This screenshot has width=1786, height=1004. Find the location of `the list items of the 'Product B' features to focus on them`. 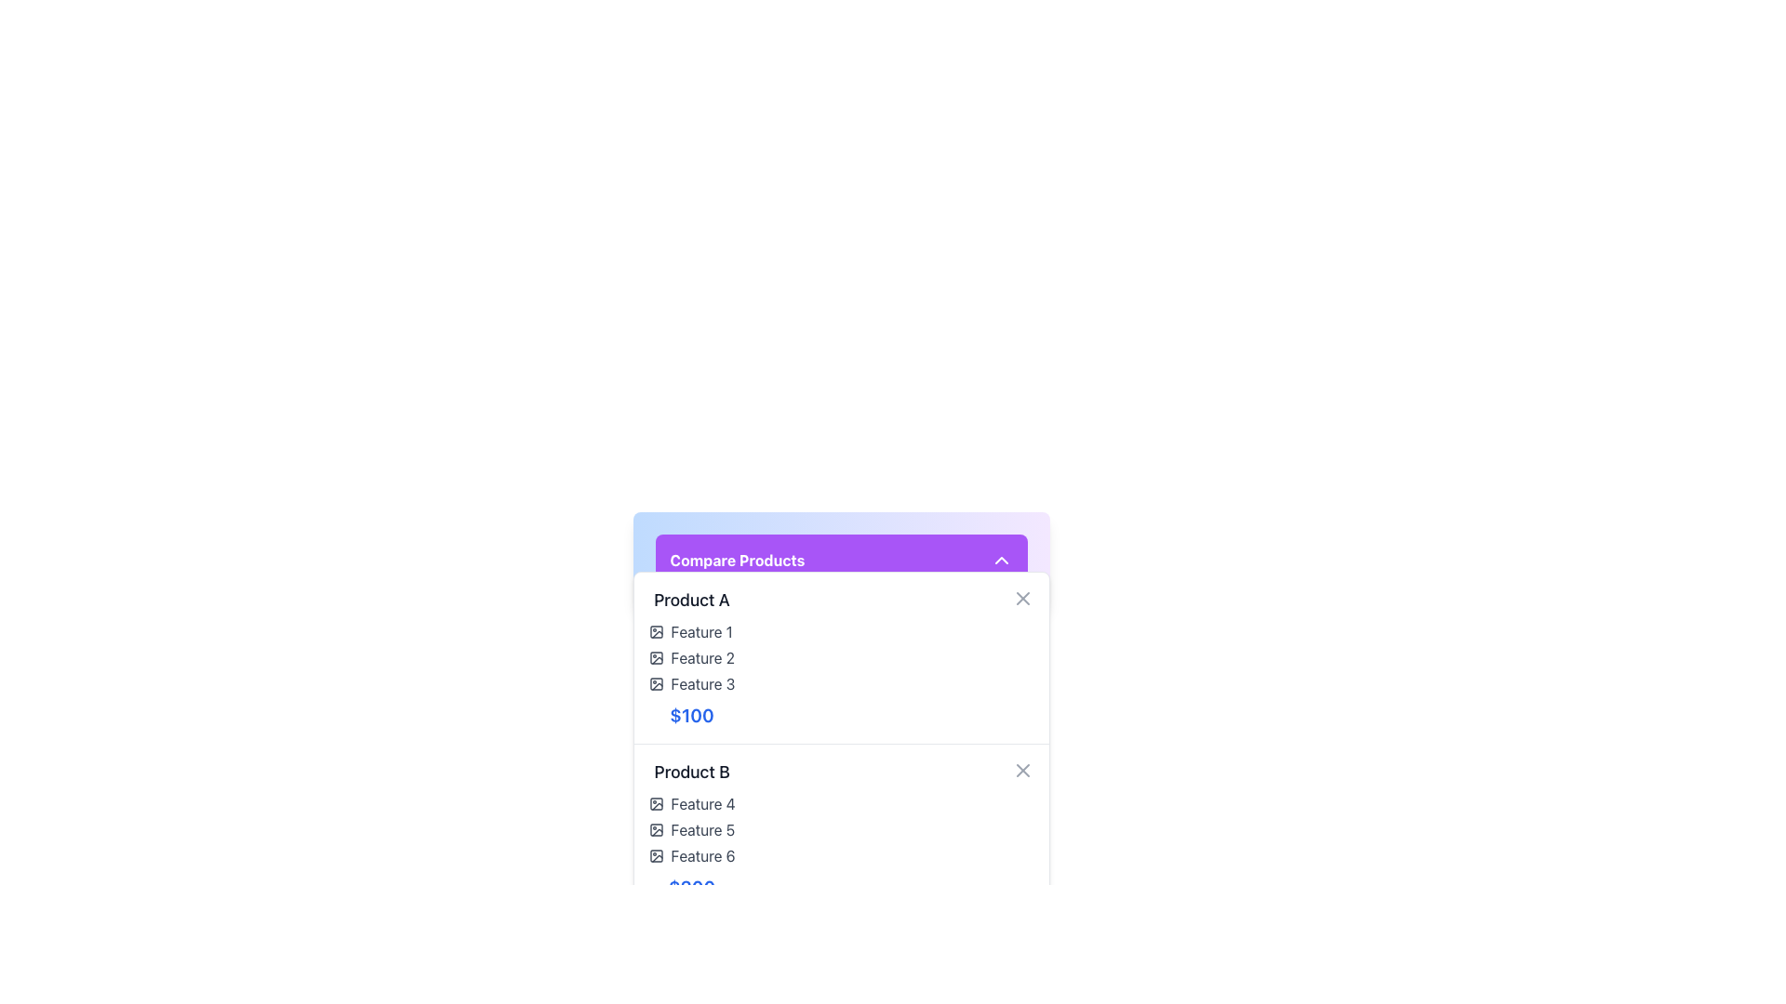

the list items of the 'Product B' features to focus on them is located at coordinates (691, 829).